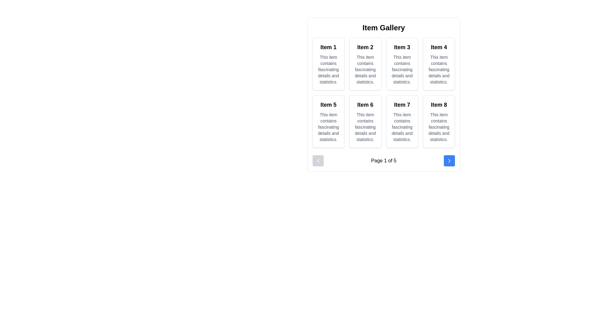 The height and width of the screenshot is (334, 593). Describe the element at coordinates (383, 161) in the screenshot. I see `the text element displaying 'Page 1 of 5', which is located at the center-bottom of the pagination controls` at that location.